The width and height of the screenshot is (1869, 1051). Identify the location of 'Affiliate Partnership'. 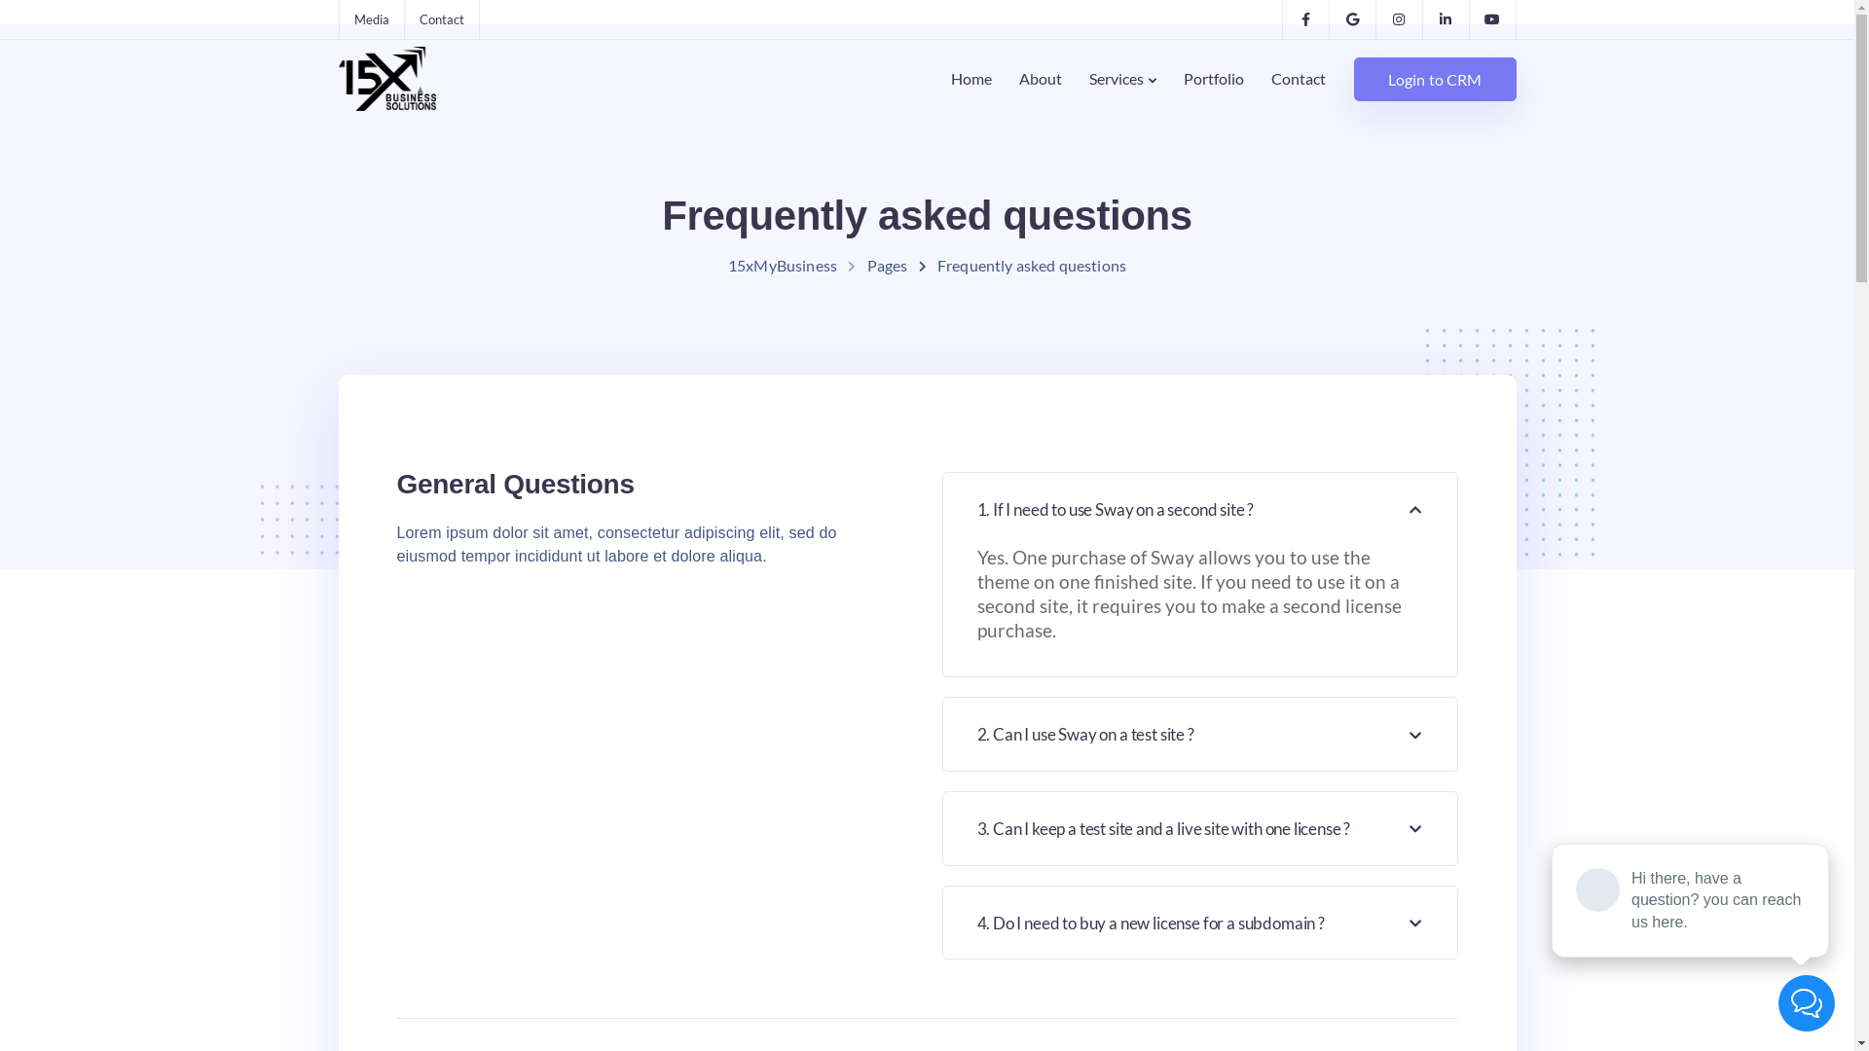
(657, 900).